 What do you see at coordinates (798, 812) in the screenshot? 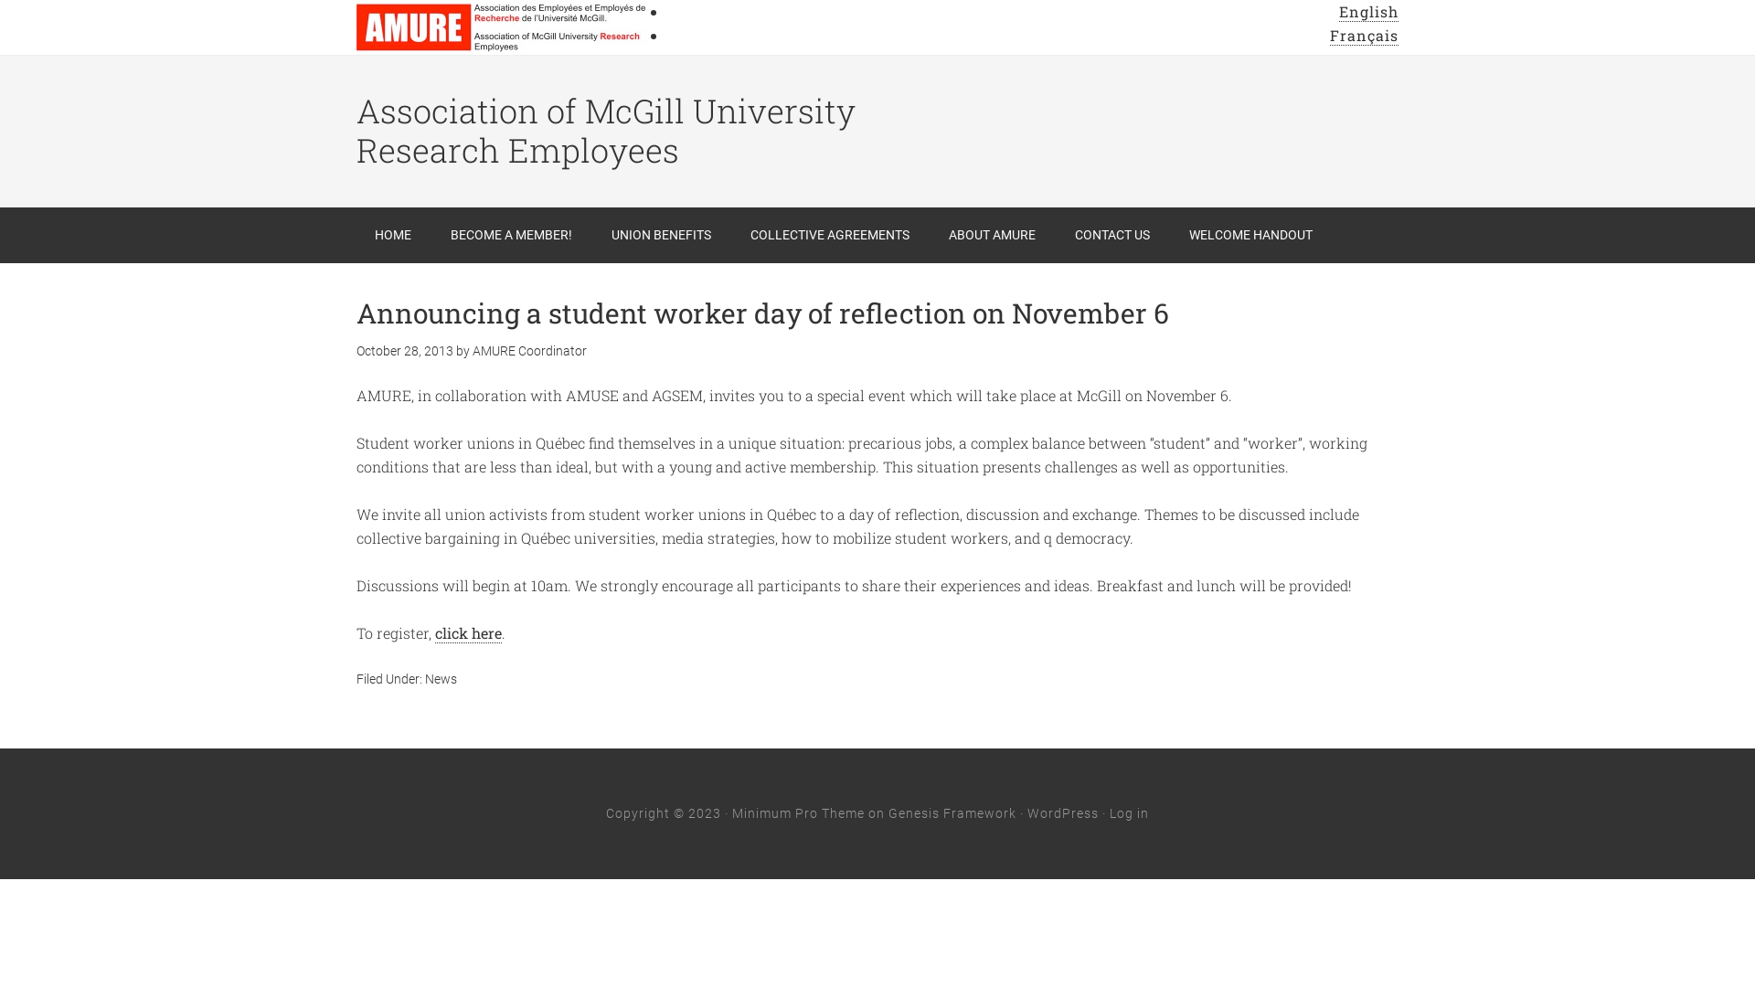
I see `'Minimum Pro Theme'` at bounding box center [798, 812].